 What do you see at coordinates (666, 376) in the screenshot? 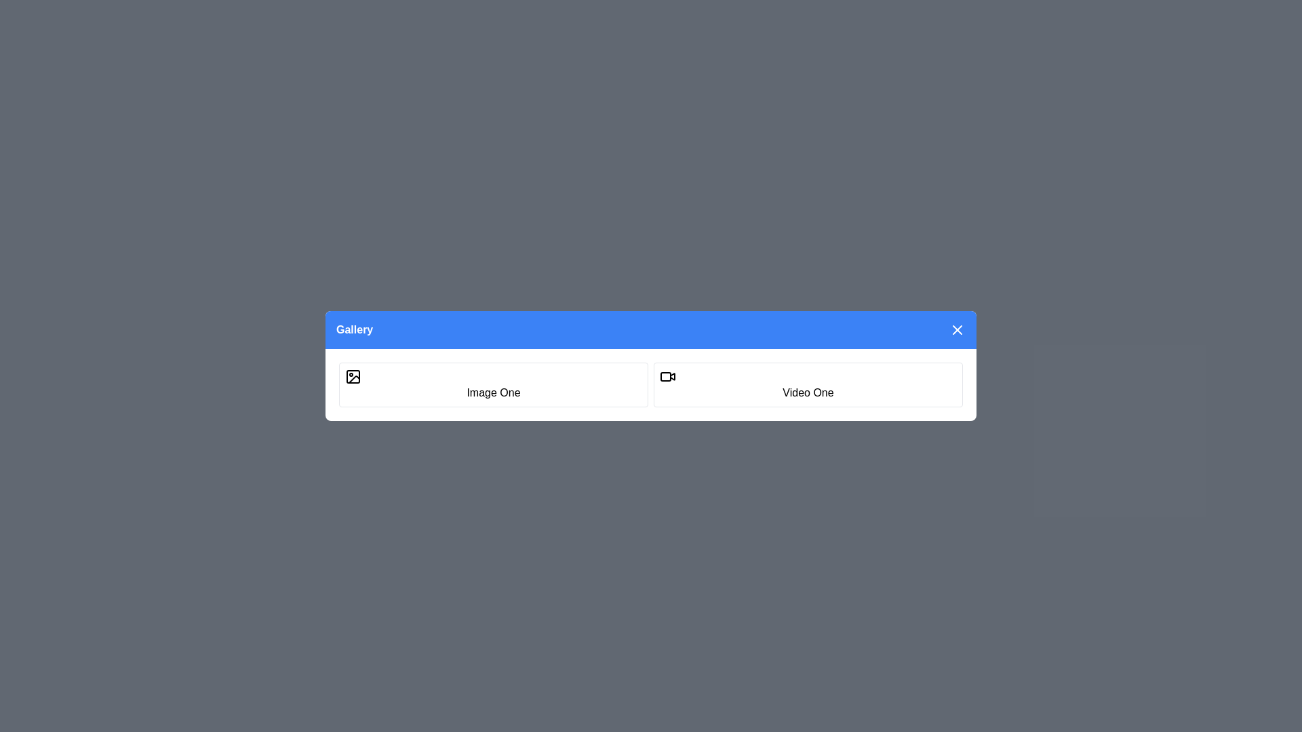
I see `the graphical component within the video icon, which is represented by a rectangle in the lower left corner of the composite icon` at bounding box center [666, 376].